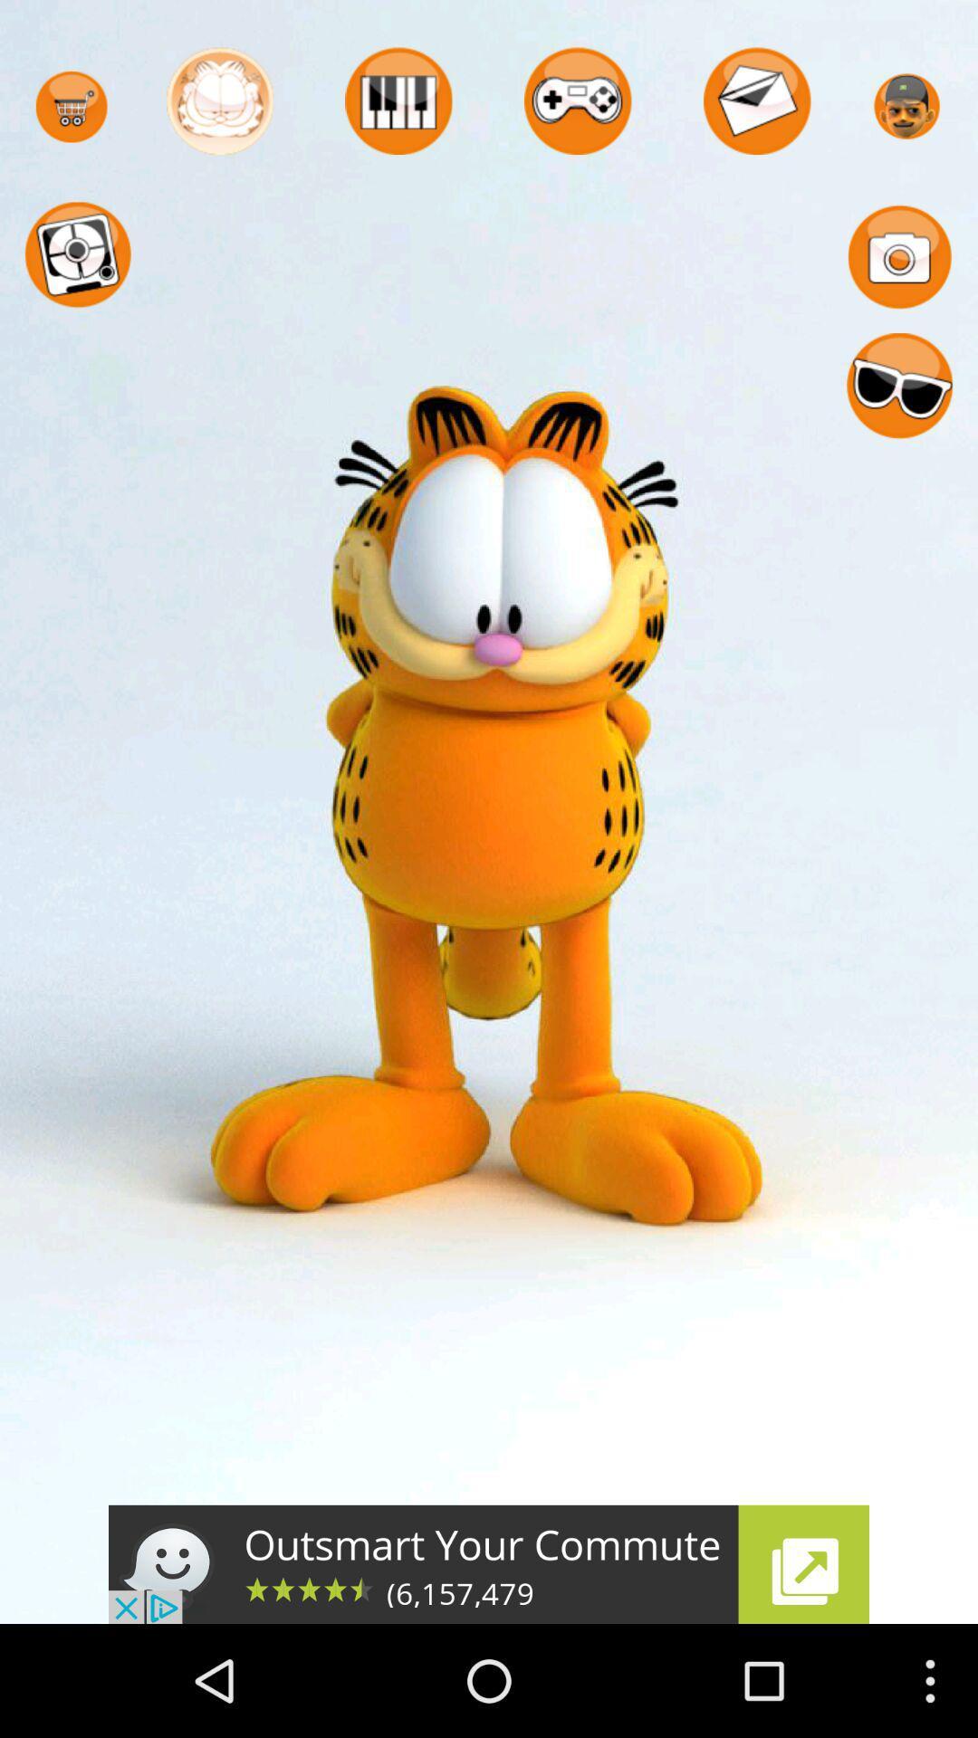 This screenshot has width=978, height=1738. I want to click on camera icon, so click(900, 255).